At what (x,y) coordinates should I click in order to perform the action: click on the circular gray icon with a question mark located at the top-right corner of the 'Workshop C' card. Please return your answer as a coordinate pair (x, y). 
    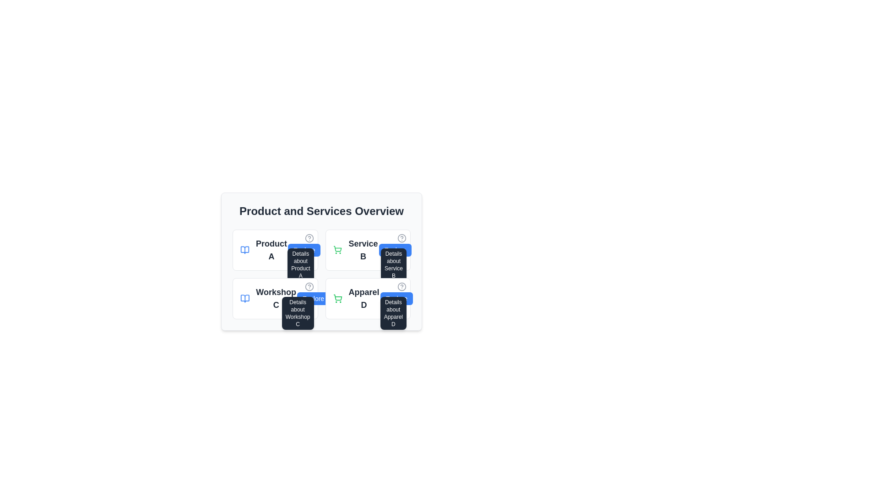
    Looking at the image, I should click on (309, 286).